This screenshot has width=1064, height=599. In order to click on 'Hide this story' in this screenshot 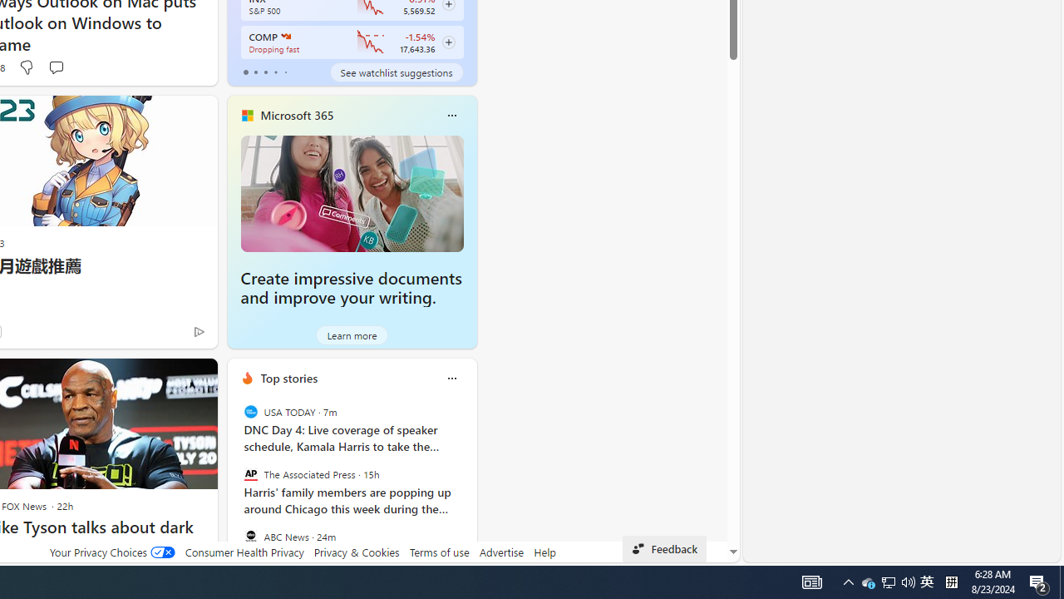, I will do `click(167, 379)`.